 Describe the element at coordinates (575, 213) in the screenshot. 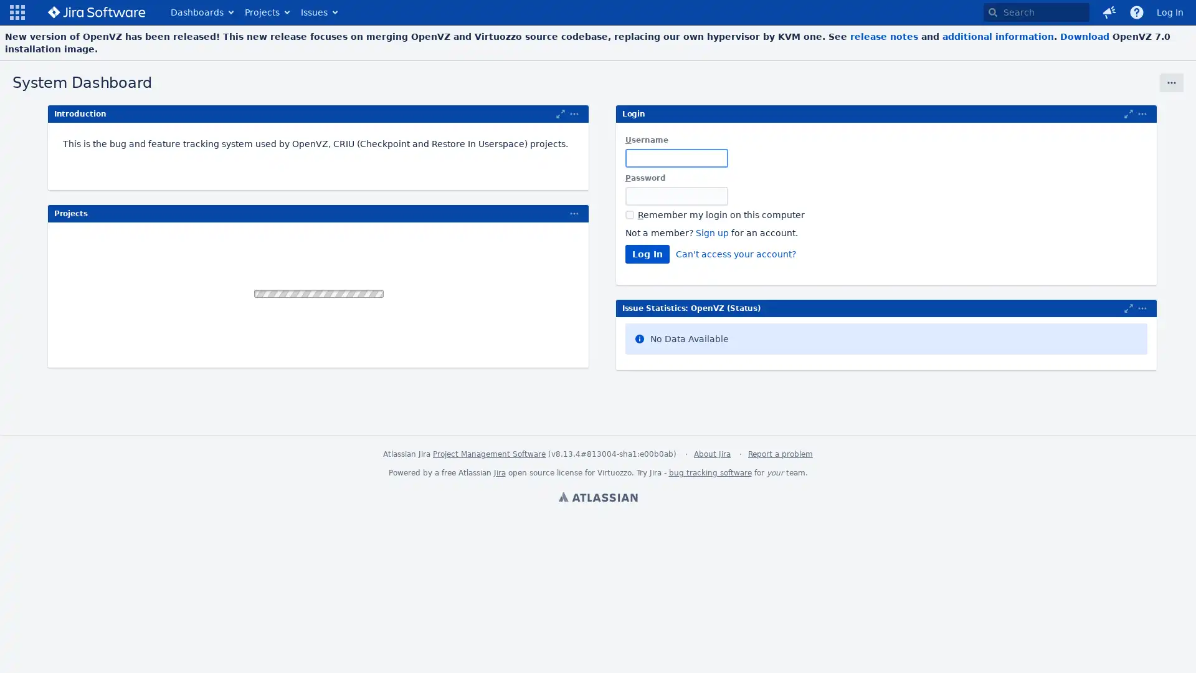

I see `Expand` at that location.